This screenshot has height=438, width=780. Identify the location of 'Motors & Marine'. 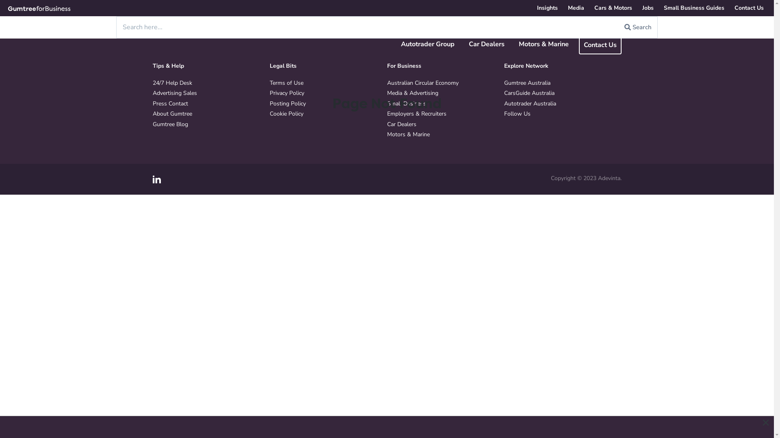
(408, 134).